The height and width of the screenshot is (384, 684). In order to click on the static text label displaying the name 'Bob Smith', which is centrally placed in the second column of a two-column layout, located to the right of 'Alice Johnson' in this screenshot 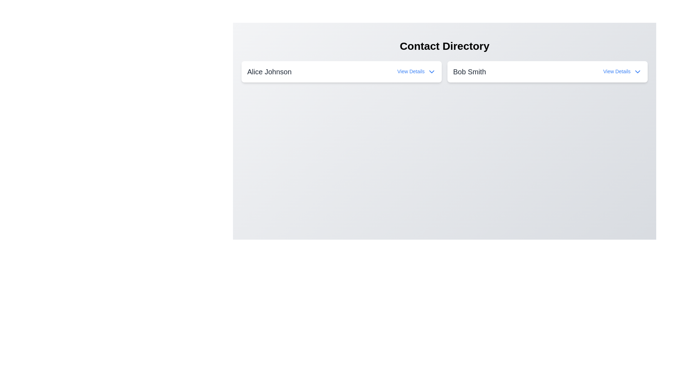, I will do `click(470, 71)`.